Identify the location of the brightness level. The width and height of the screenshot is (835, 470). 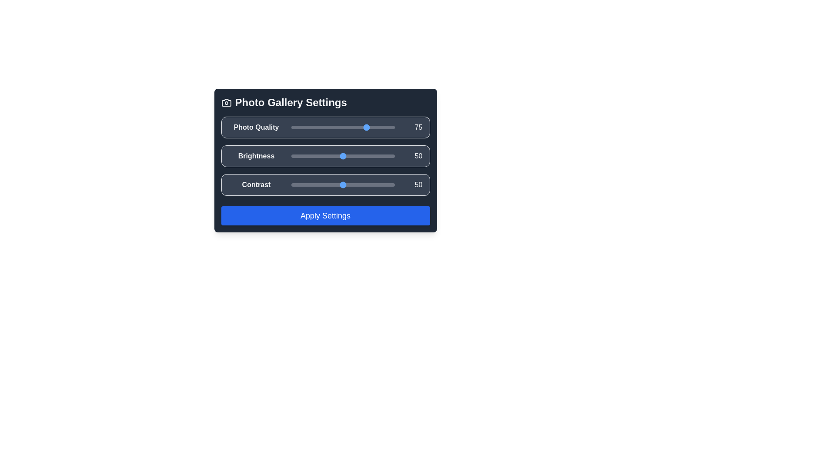
(291, 155).